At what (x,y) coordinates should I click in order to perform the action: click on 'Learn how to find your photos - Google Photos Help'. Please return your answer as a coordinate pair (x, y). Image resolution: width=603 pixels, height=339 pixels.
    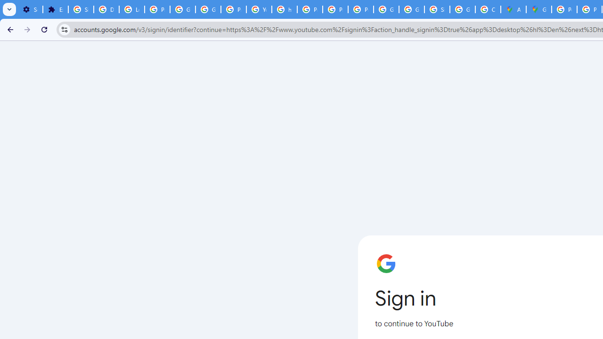
    Looking at the image, I should click on (131, 9).